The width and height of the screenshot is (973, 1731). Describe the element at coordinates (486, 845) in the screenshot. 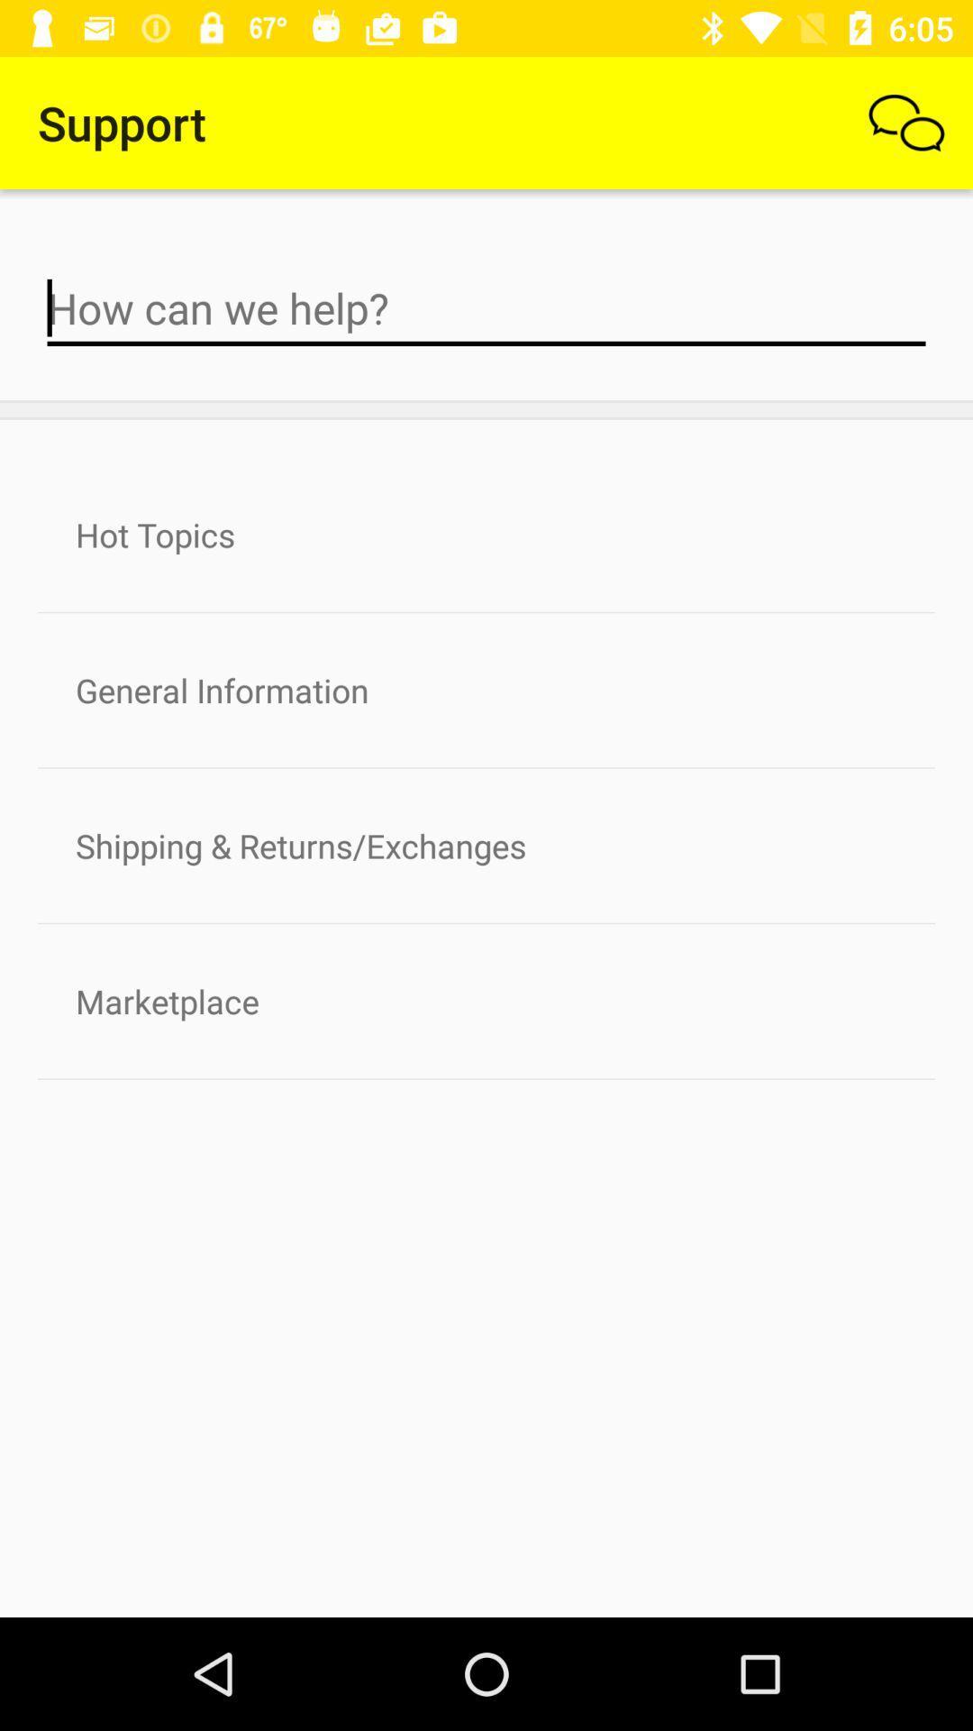

I see `the icon below general information icon` at that location.